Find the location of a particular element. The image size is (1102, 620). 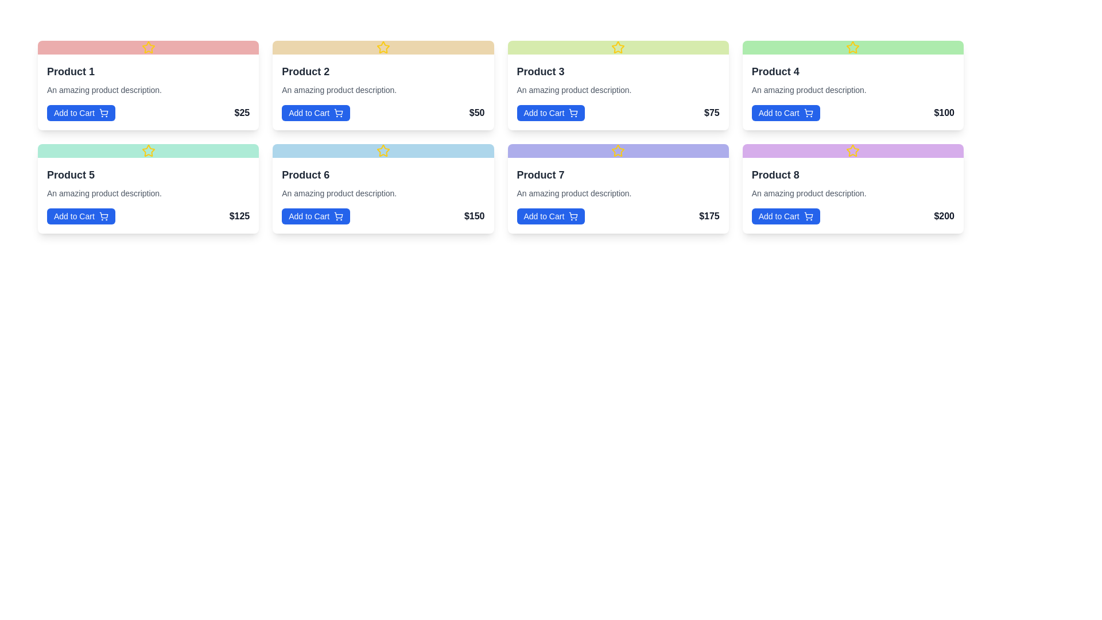

the star icon located at the top center of the sixth card labeled 'Product 6' in the grid layout to denote a feature or rating is located at coordinates (383, 150).